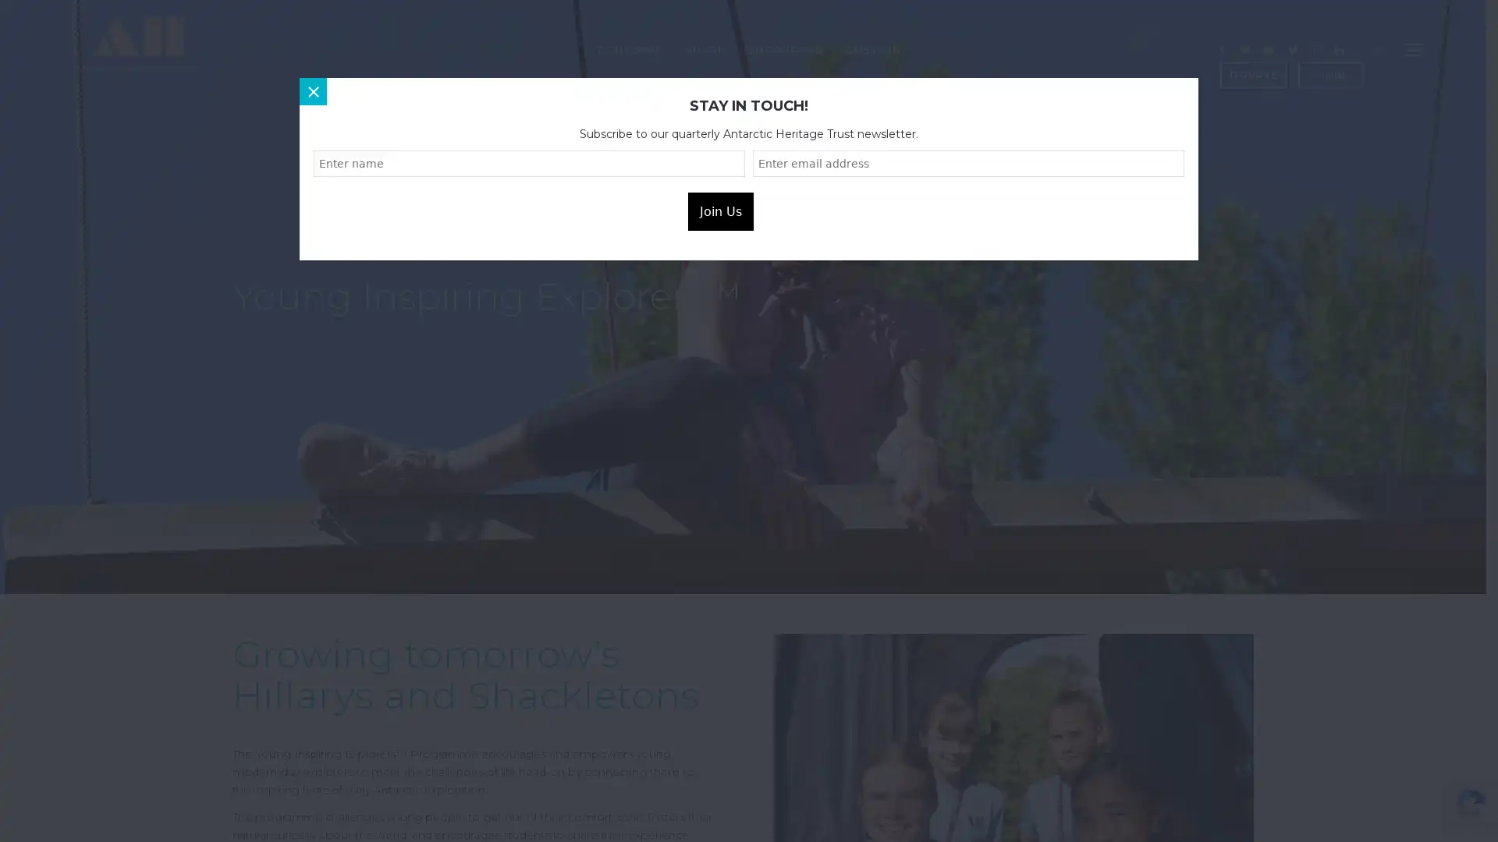 The image size is (1498, 842). What do you see at coordinates (312, 91) in the screenshot?
I see `Close` at bounding box center [312, 91].